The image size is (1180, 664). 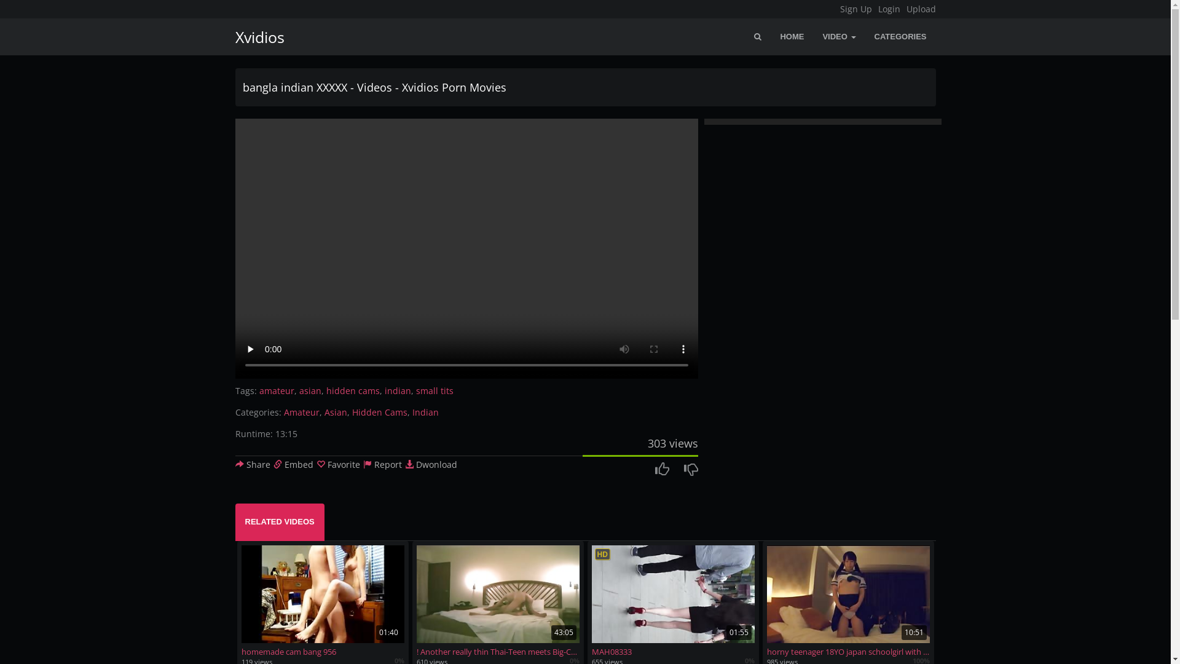 What do you see at coordinates (888, 9) in the screenshot?
I see `'Login'` at bounding box center [888, 9].